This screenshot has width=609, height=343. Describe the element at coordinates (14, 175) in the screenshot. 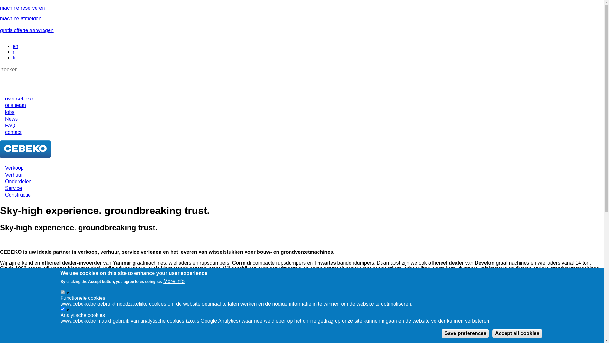

I see `'Verhuur'` at that location.